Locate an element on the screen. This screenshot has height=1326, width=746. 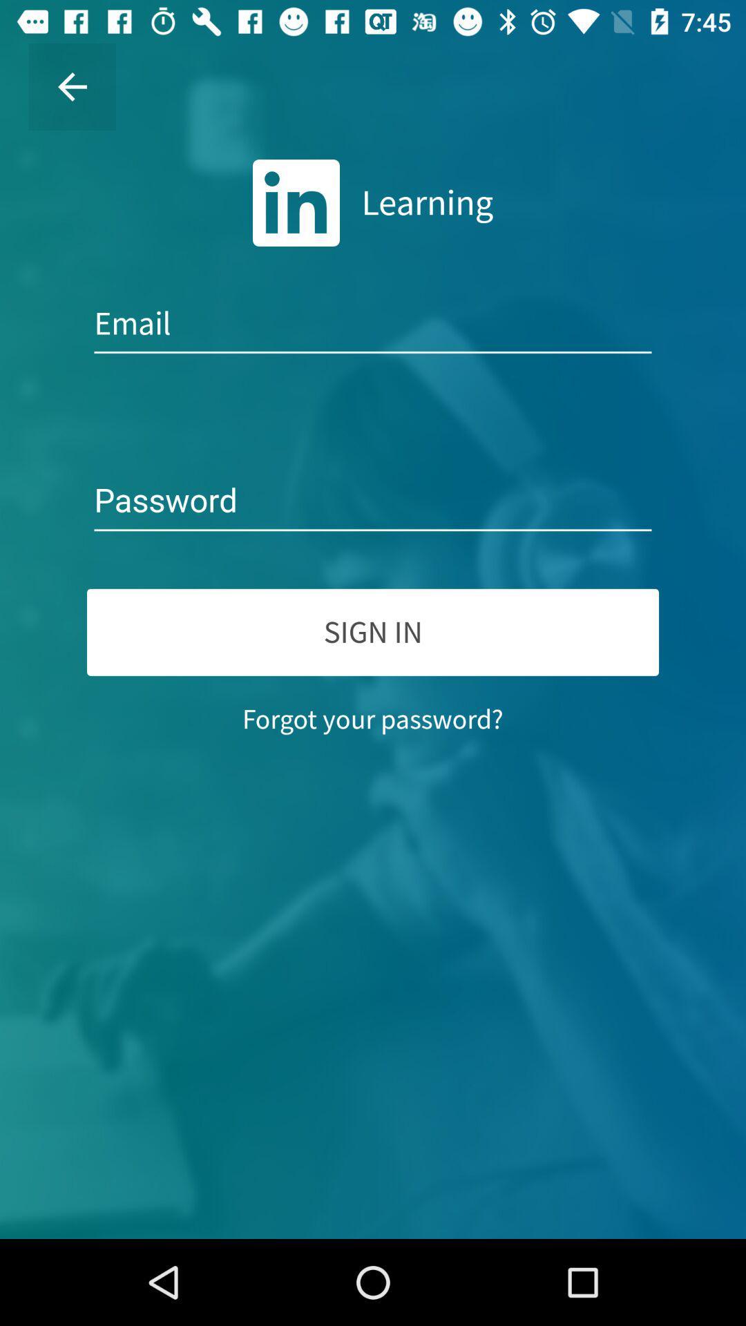
sign in is located at coordinates (373, 631).